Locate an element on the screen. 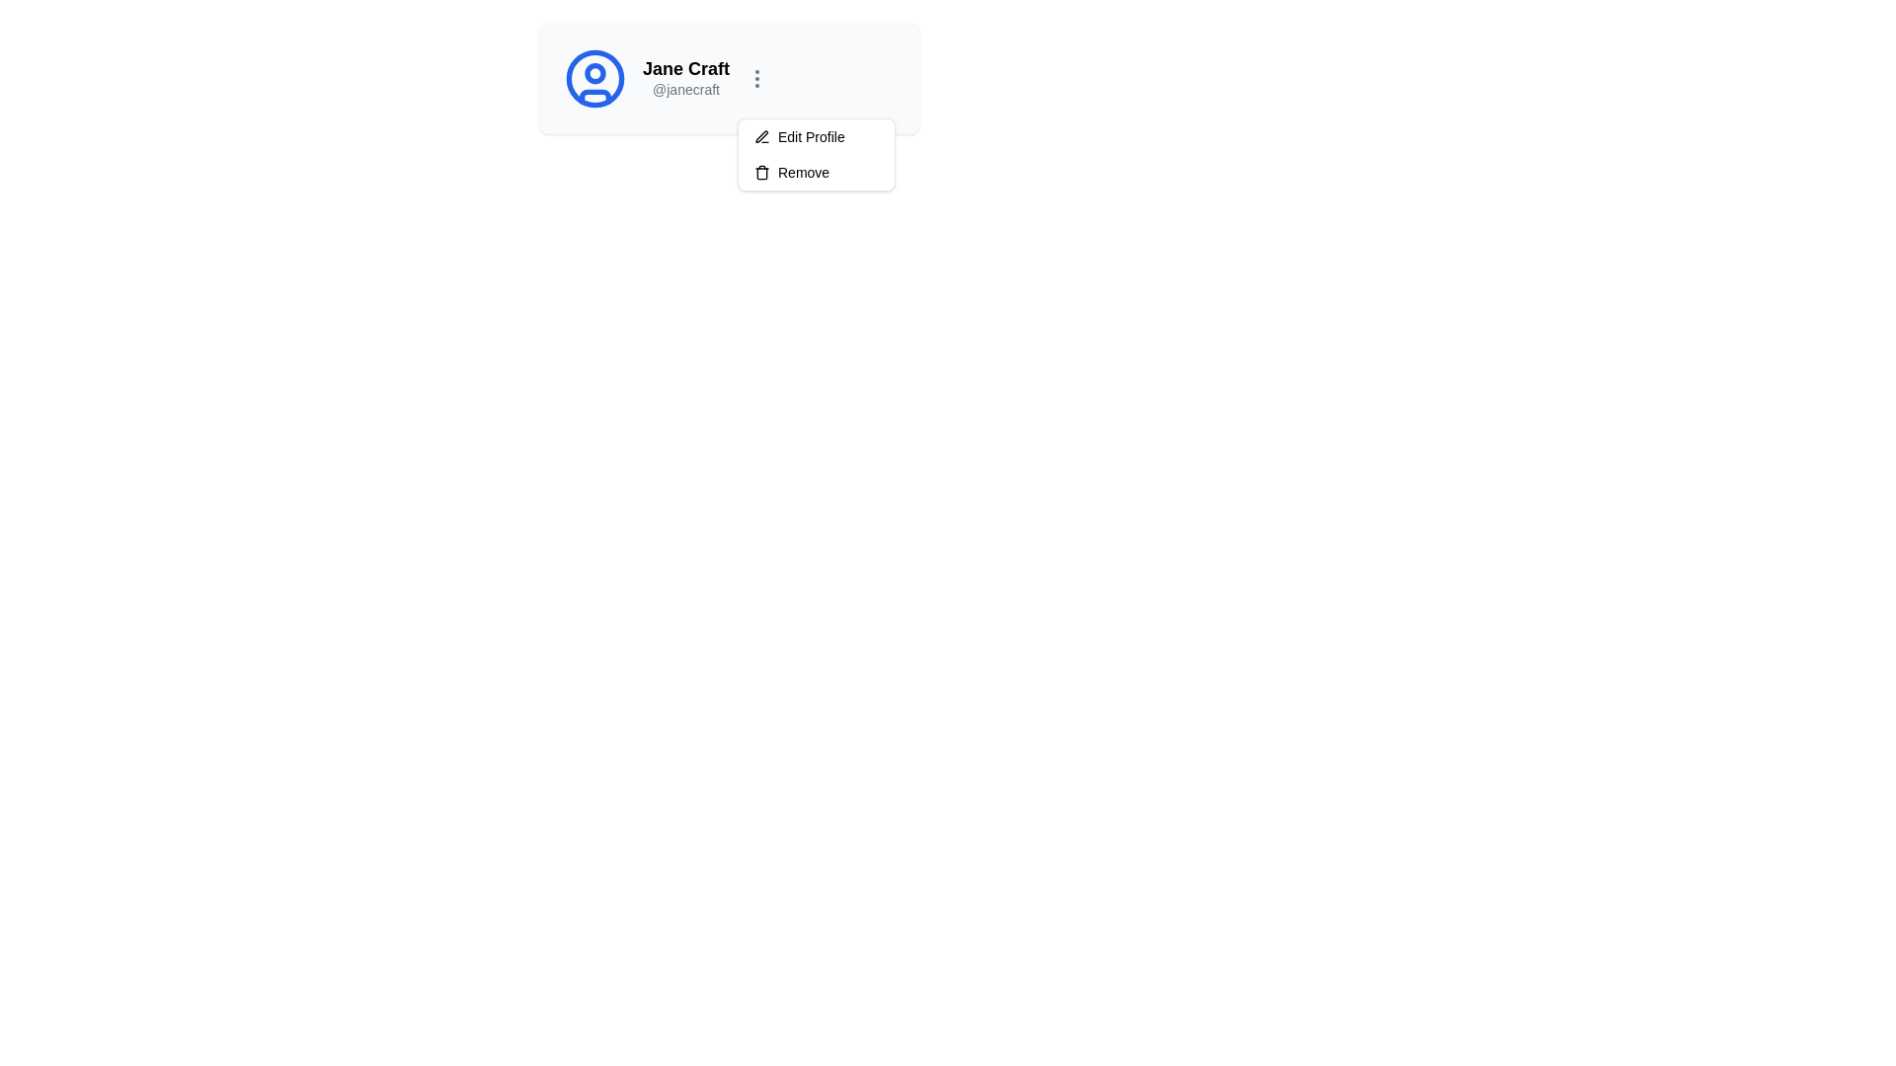  the static text representing the user handle, located directly beneath 'Jane Craft' in the top-left section of the interface is located at coordinates (686, 90).